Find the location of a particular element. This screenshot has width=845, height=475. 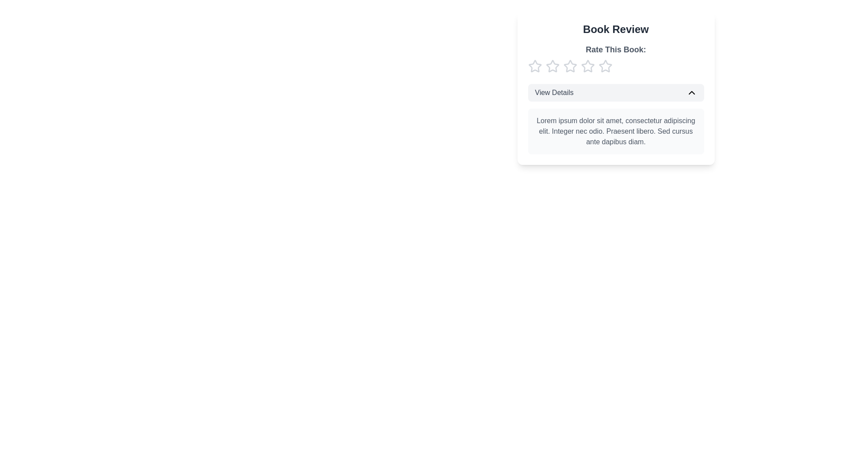

the toggle button located beneath the star rating icons is located at coordinates (615, 88).